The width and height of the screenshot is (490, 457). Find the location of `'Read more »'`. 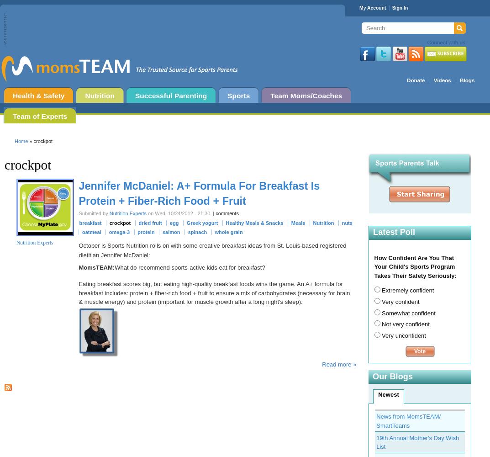

'Read more »' is located at coordinates (338, 364).